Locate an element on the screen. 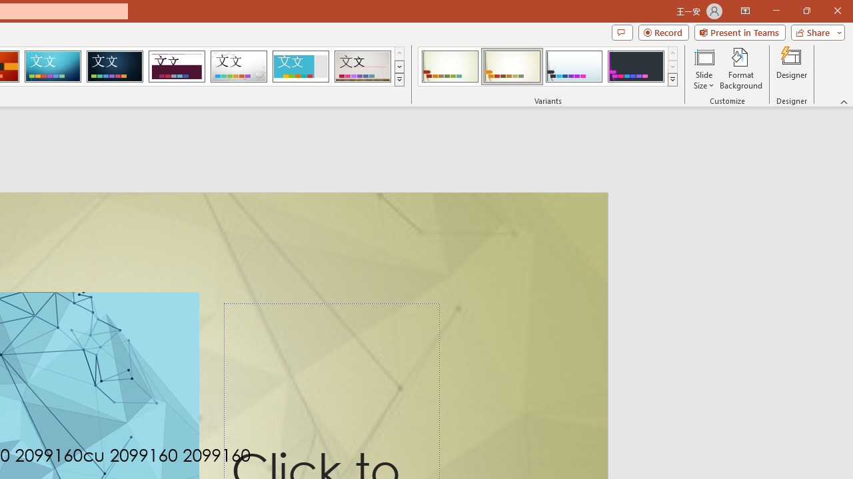 The height and width of the screenshot is (479, 853). 'Variants' is located at coordinates (672, 80).